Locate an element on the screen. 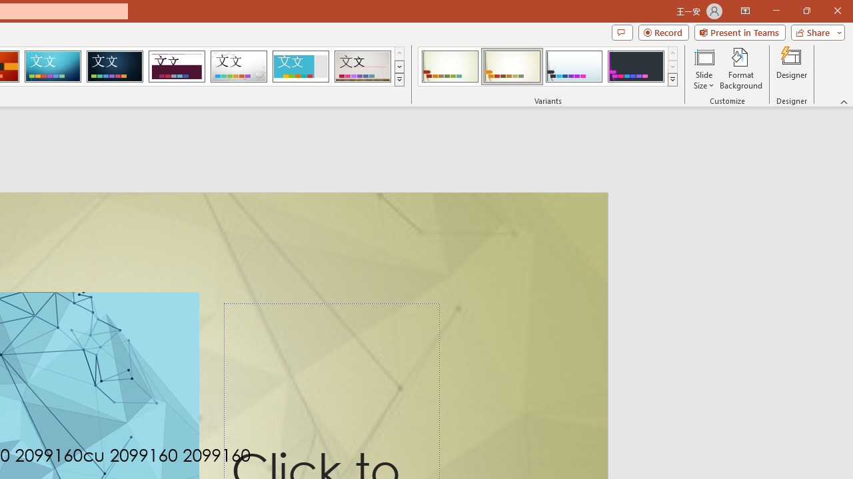 The height and width of the screenshot is (479, 853). 'Variants' is located at coordinates (672, 80).